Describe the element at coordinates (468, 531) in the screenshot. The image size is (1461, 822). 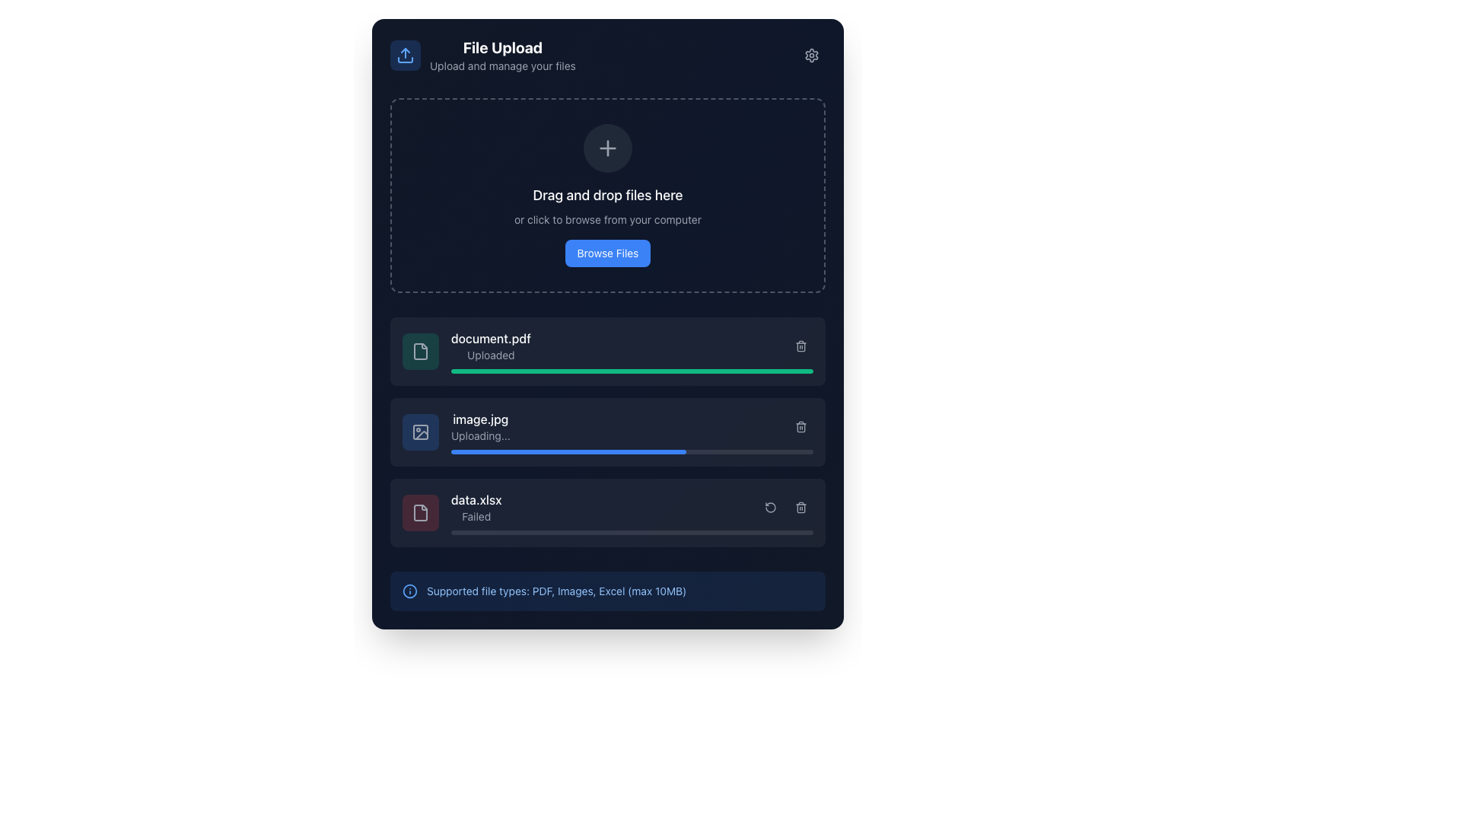
I see `the progress` at that location.